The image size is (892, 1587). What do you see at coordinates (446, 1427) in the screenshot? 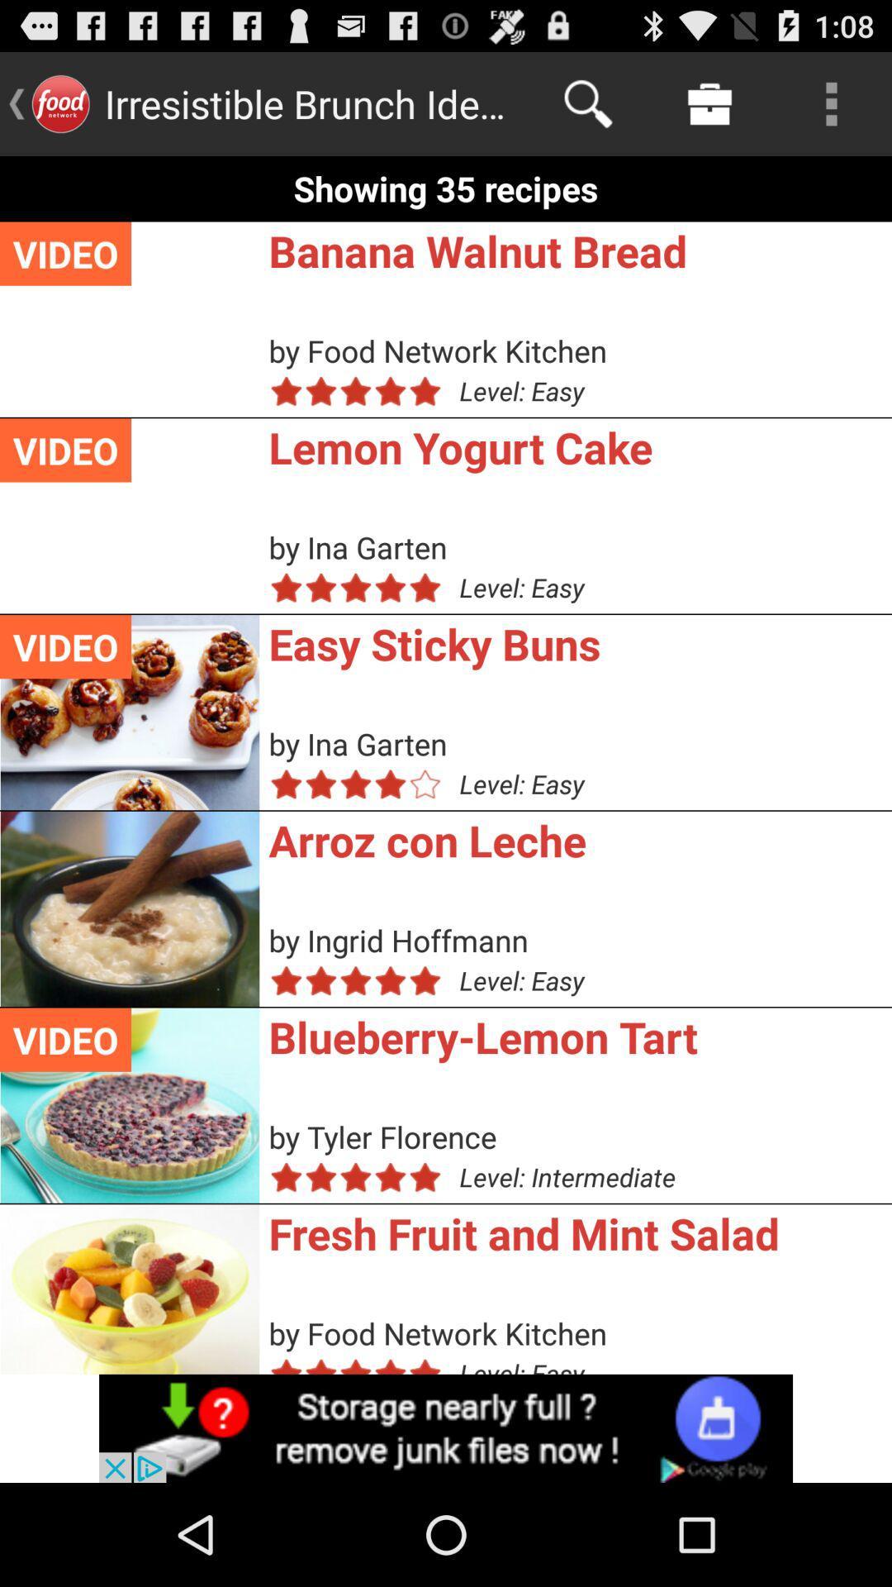
I see `selected advertisement` at bounding box center [446, 1427].